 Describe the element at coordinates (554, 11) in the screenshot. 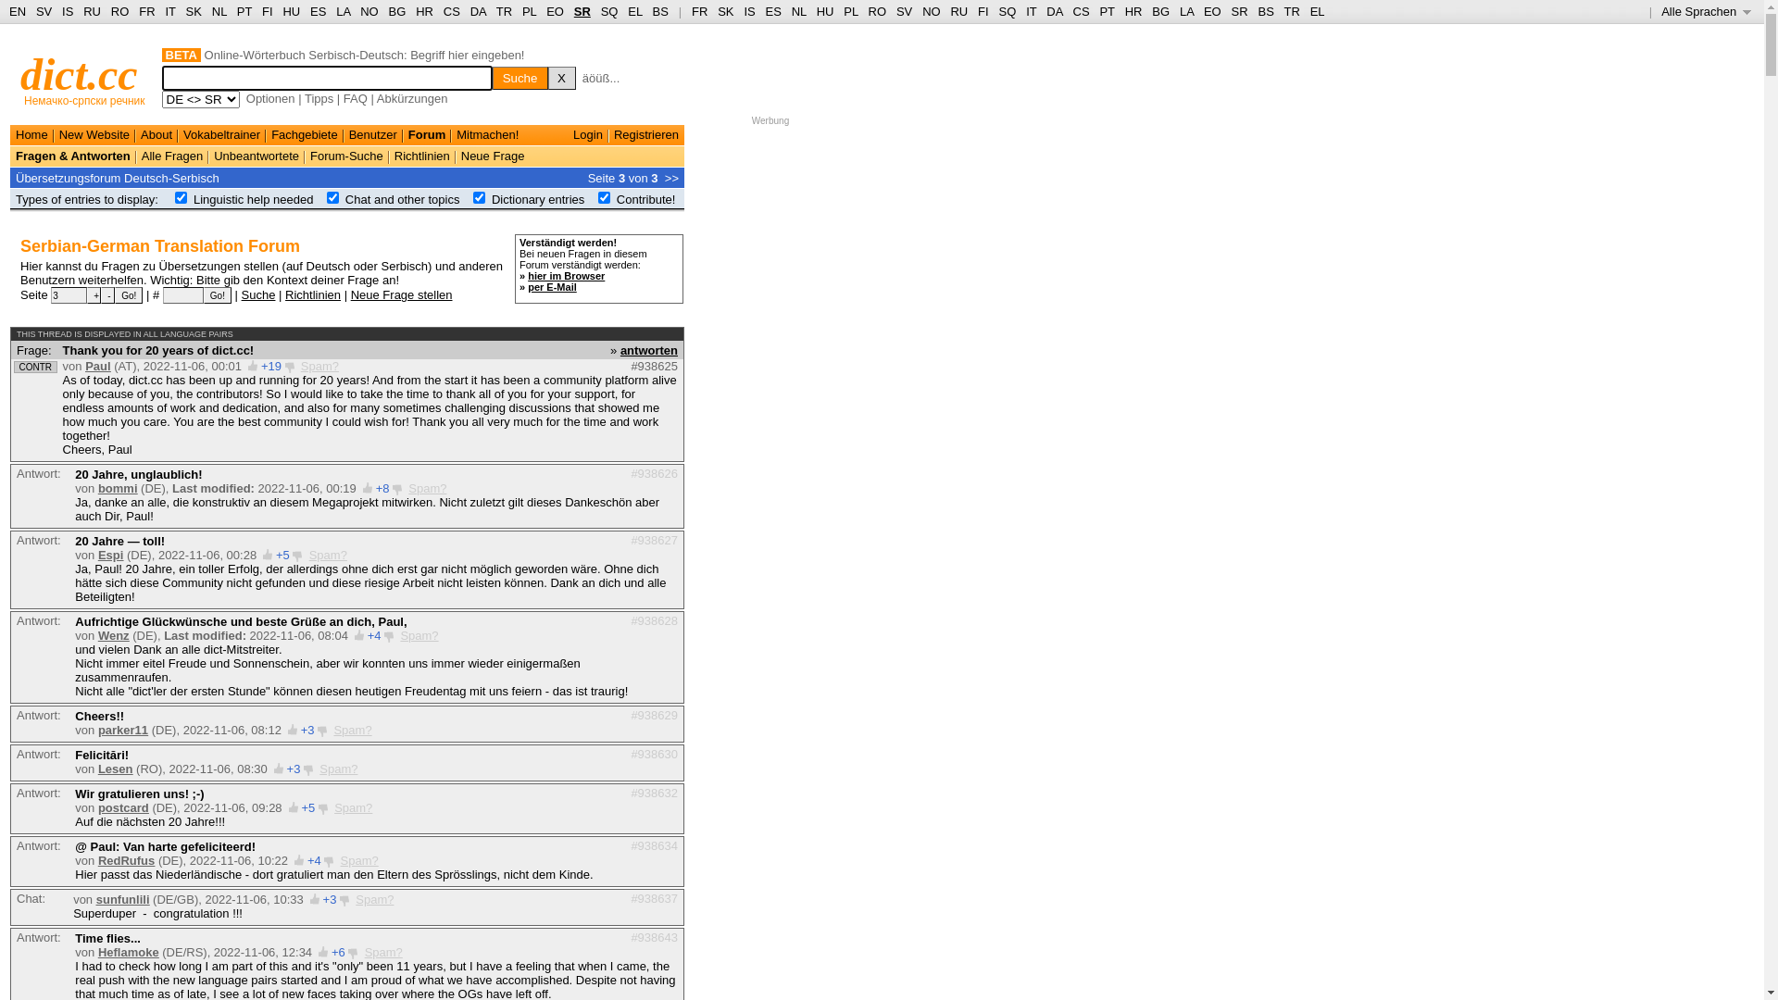

I see `'EO'` at that location.